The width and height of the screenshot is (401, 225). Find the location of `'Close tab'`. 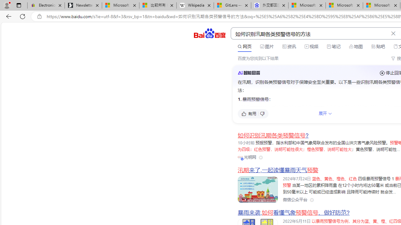

'Close tab' is located at coordinates (395, 5).